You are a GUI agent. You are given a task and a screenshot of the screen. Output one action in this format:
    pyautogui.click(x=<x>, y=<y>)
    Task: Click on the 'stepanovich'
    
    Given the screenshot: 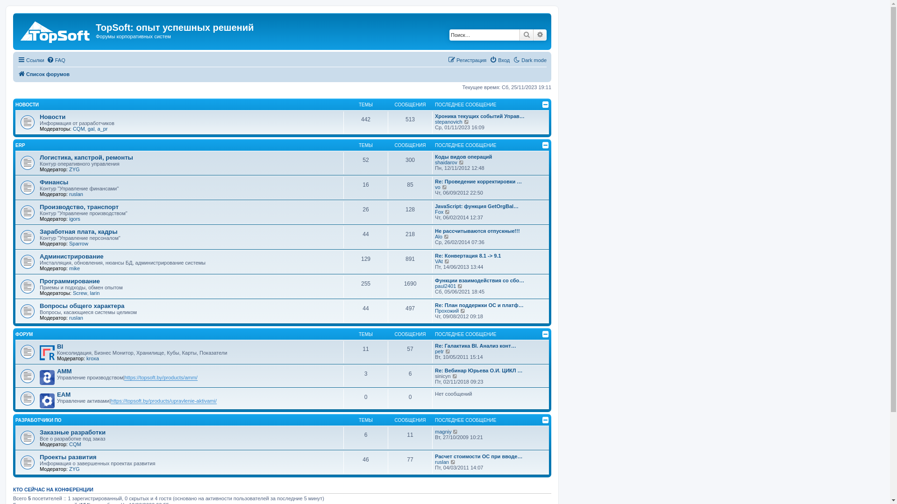 What is the action you would take?
    pyautogui.click(x=434, y=121)
    